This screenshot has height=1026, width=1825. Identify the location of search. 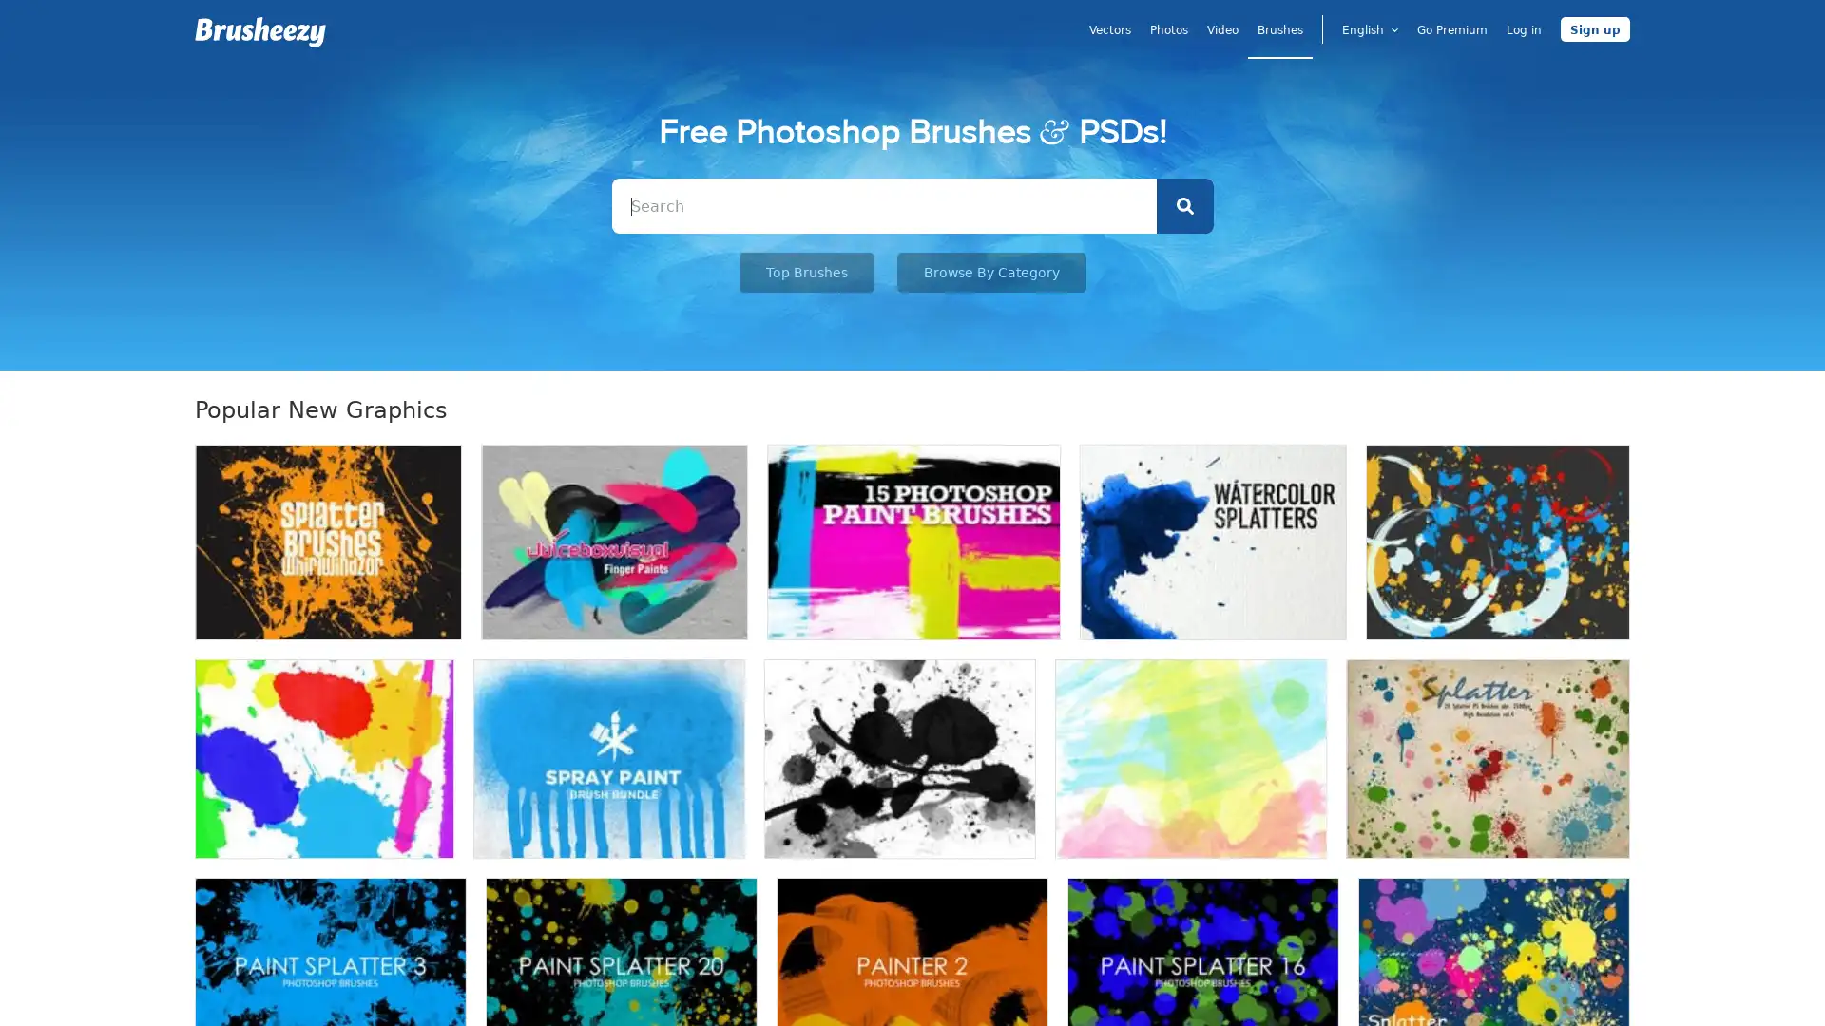
(1183, 205).